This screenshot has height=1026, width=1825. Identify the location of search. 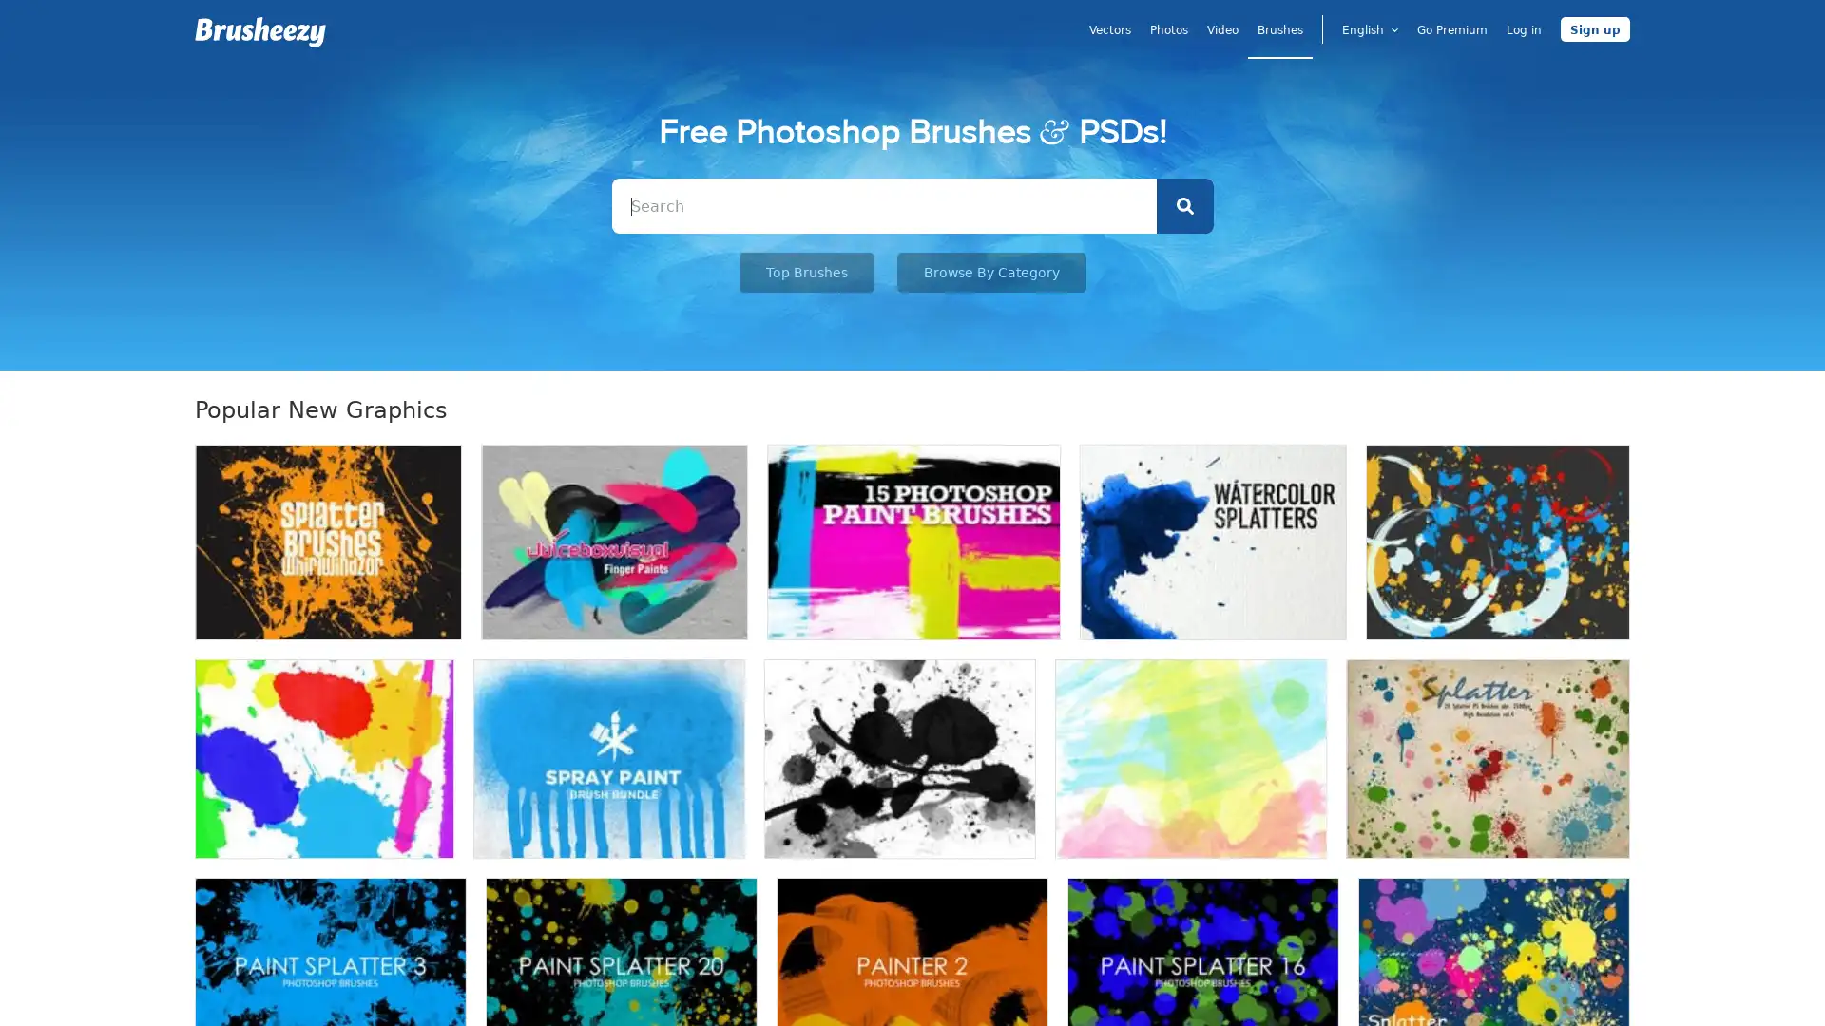
(1183, 205).